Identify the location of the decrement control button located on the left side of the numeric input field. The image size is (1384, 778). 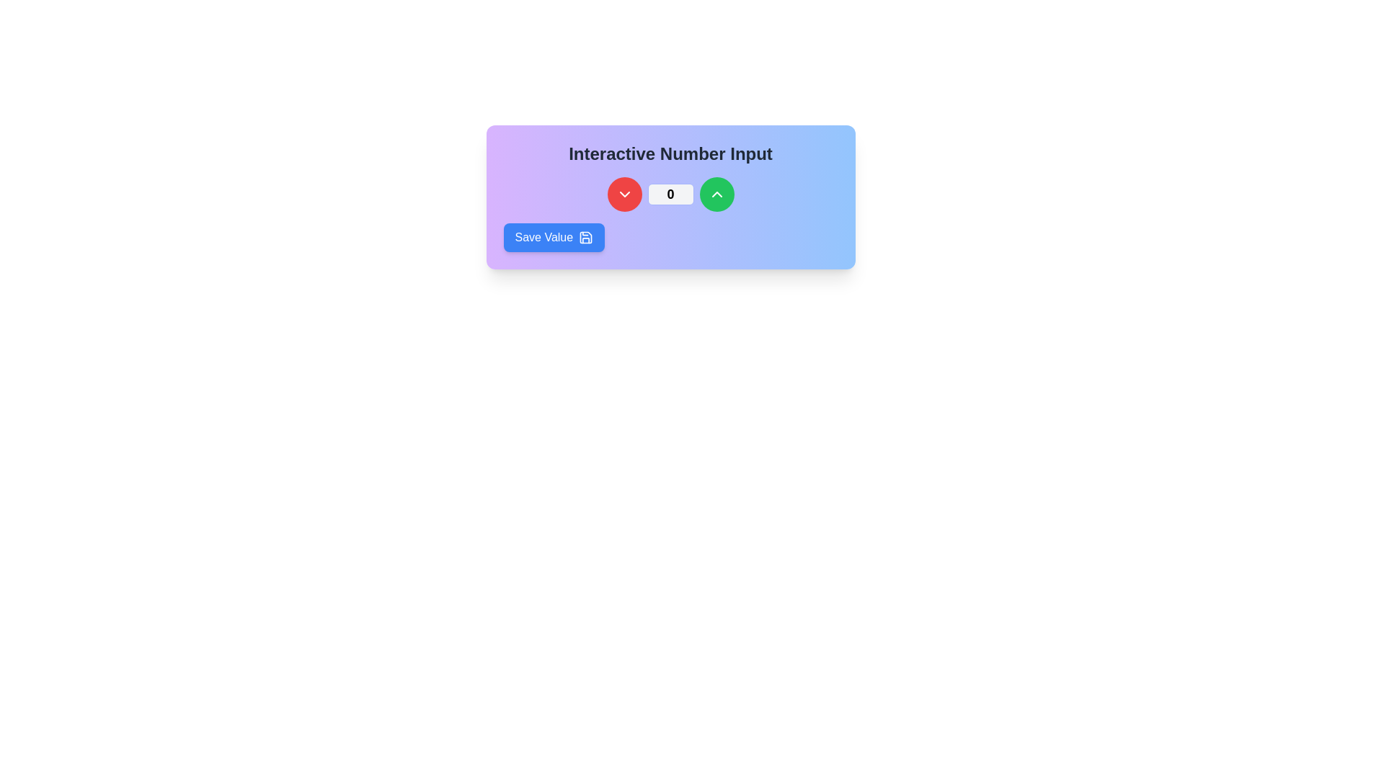
(624, 194).